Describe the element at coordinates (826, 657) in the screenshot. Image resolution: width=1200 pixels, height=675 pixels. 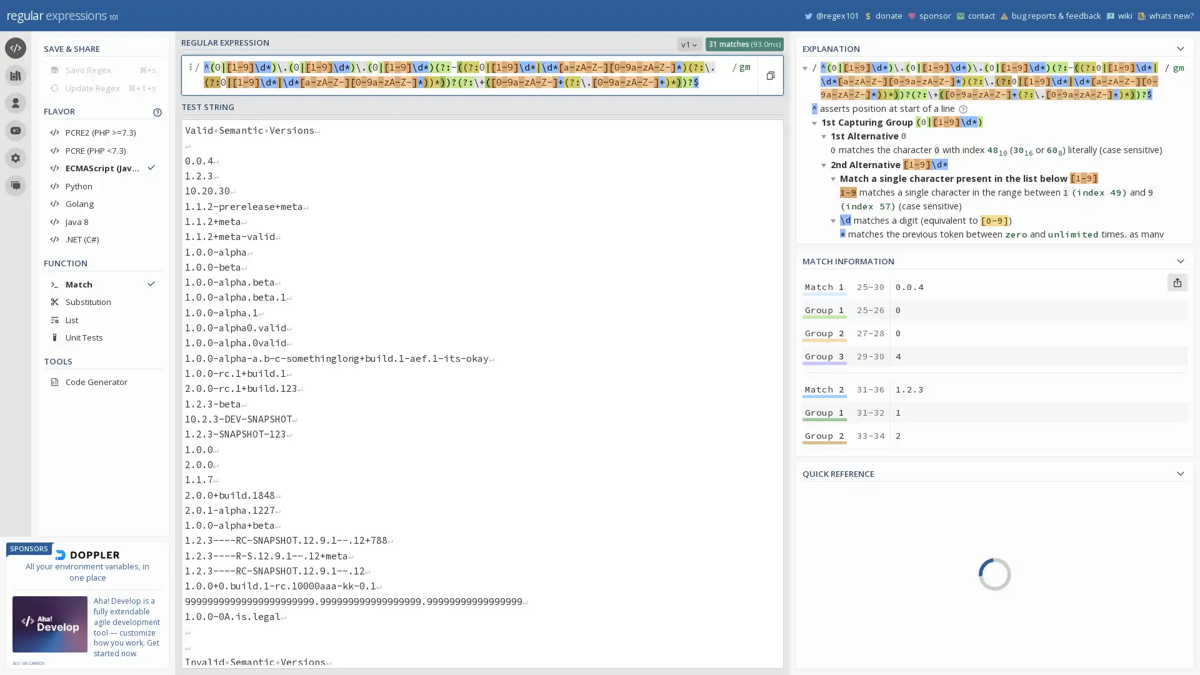
I see `Collapse Subtree` at that location.